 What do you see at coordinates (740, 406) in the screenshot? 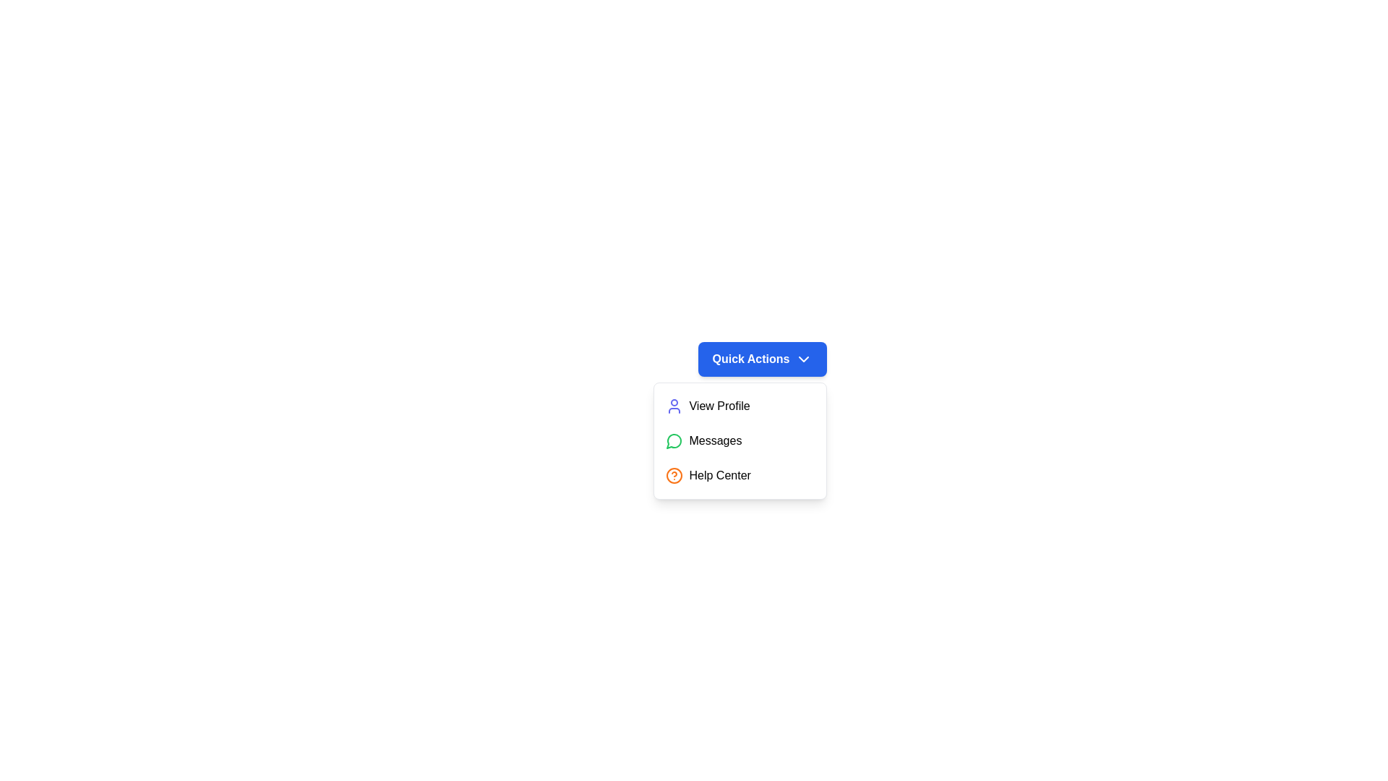
I see `the 'View Profile' option in the dropdown menu` at bounding box center [740, 406].